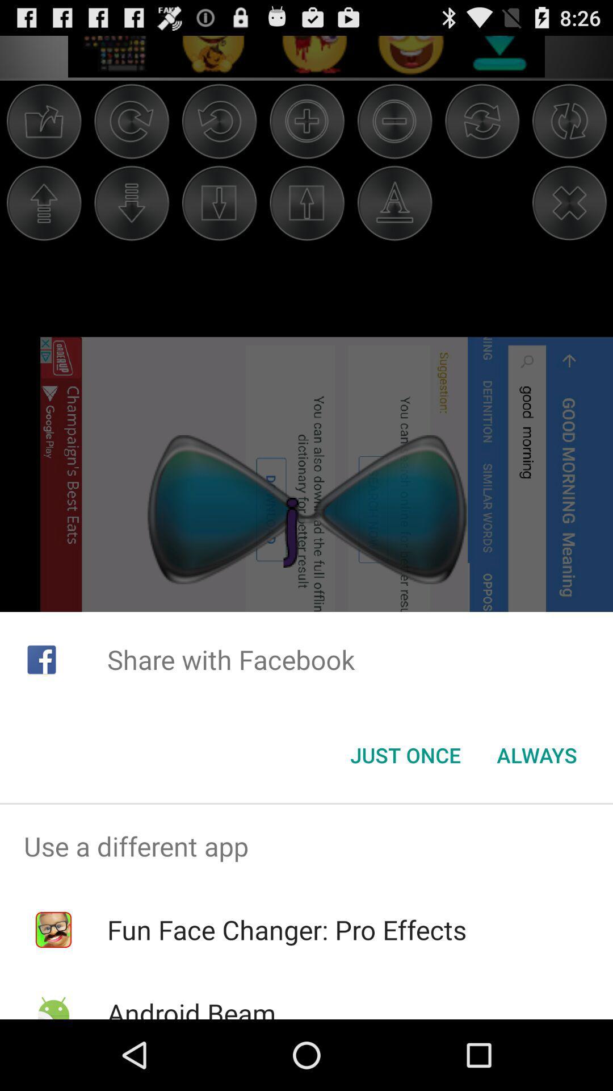 This screenshot has width=613, height=1091. I want to click on just once, so click(405, 755).